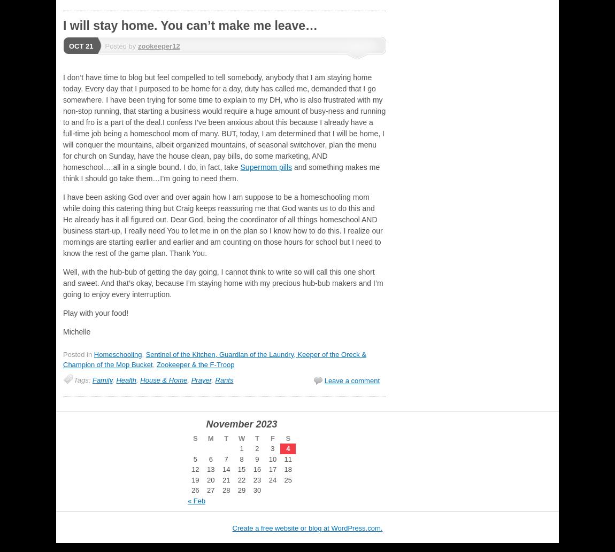  I want to click on 'Oct 21', so click(80, 46).